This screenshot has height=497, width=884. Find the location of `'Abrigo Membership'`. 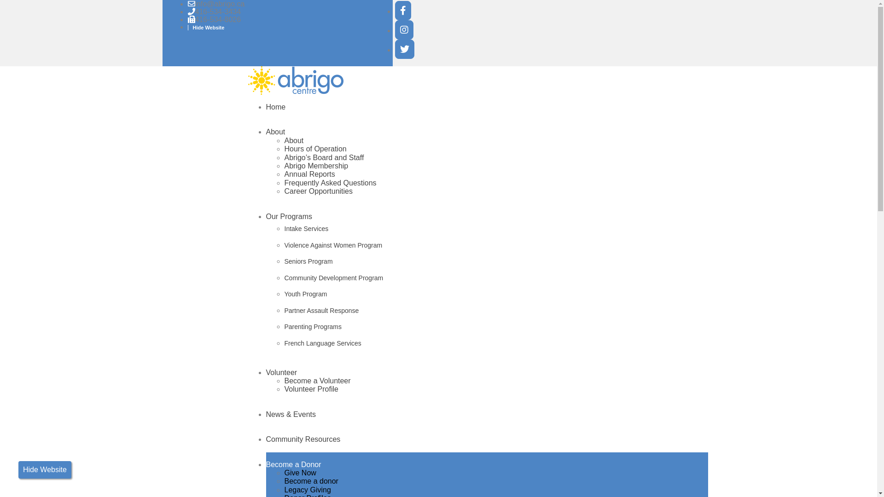

'Abrigo Membership' is located at coordinates (316, 166).